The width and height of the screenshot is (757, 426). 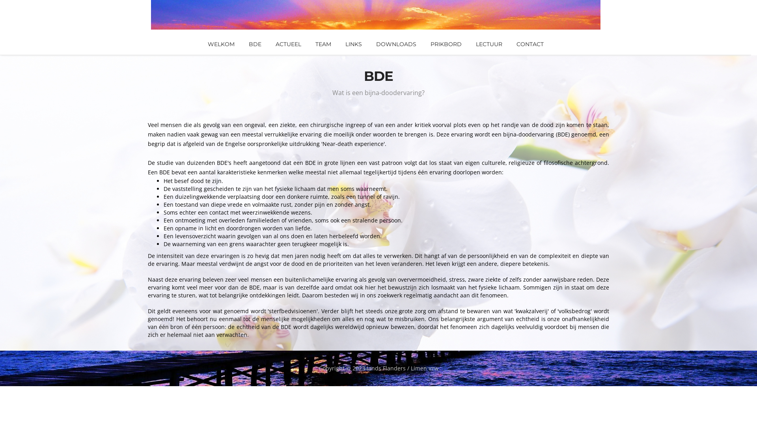 I want to click on 'TEAM', so click(x=323, y=44).